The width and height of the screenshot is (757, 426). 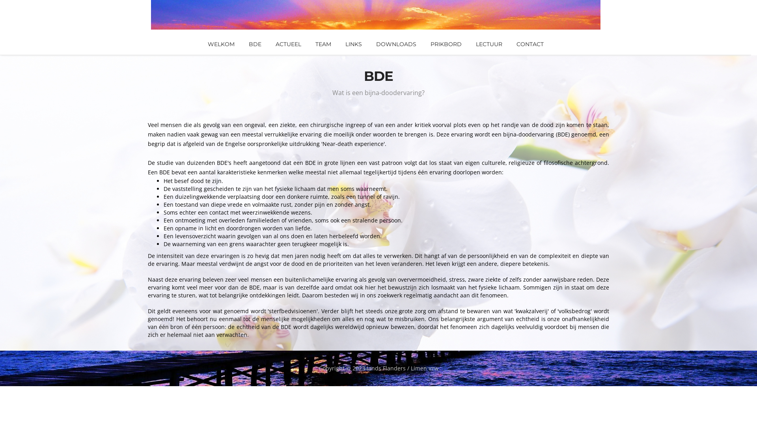 I want to click on 'TEAM', so click(x=323, y=44).